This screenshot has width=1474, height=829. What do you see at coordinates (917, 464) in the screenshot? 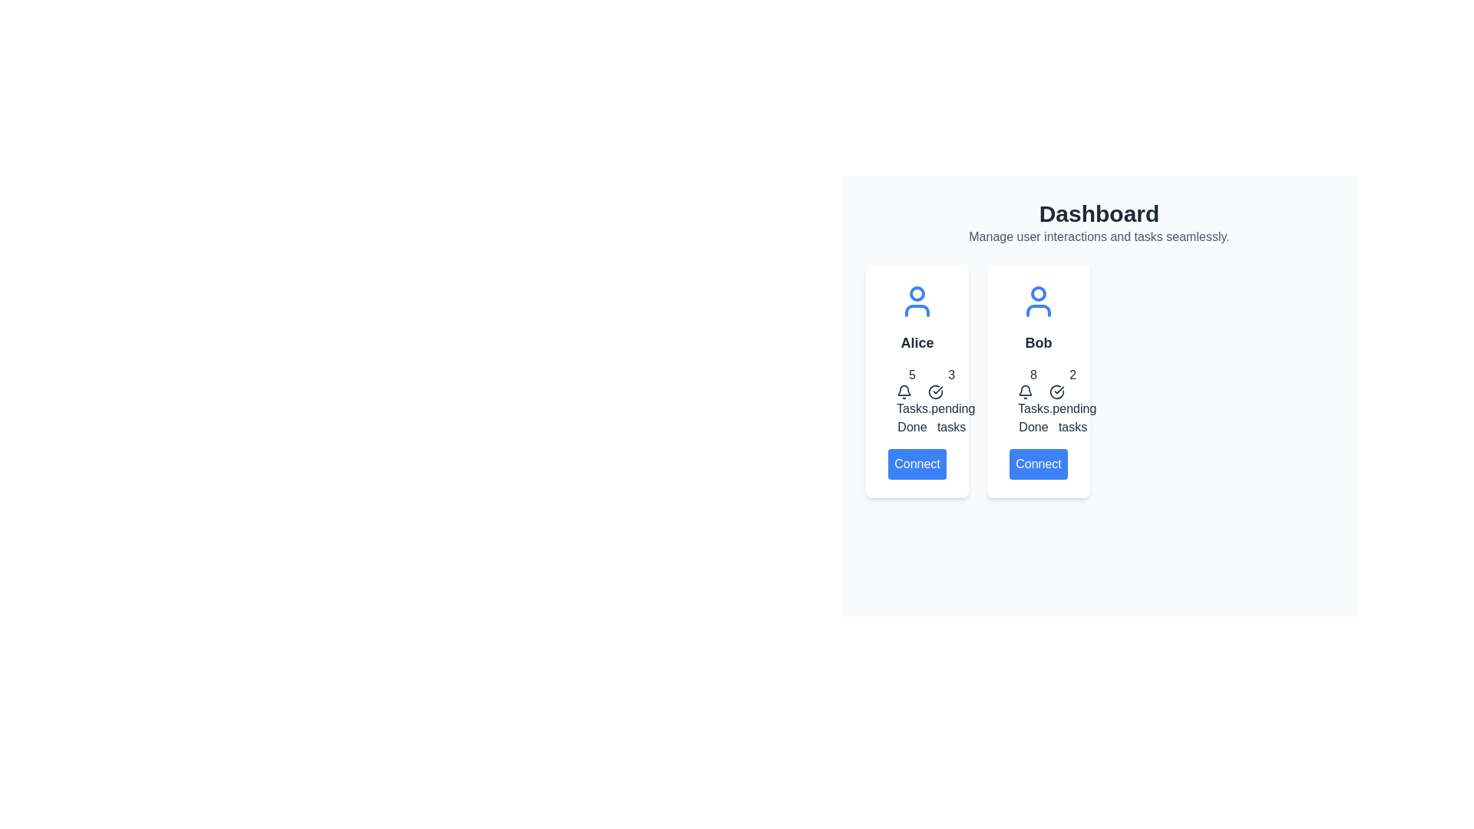
I see `the 'Connect' button with a blue background and white text located at the bottom of the user card for 'Alice' to initiate a connection` at bounding box center [917, 464].